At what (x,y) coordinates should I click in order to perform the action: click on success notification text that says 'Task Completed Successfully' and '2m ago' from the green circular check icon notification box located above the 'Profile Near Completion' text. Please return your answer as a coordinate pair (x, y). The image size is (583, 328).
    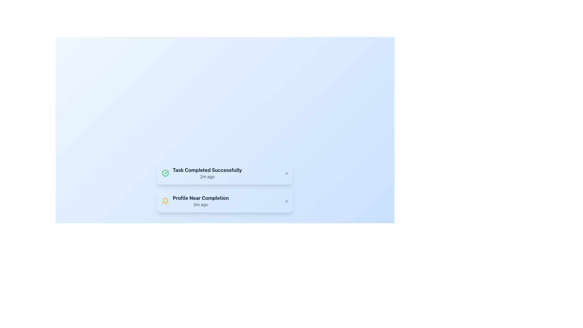
    Looking at the image, I should click on (202, 173).